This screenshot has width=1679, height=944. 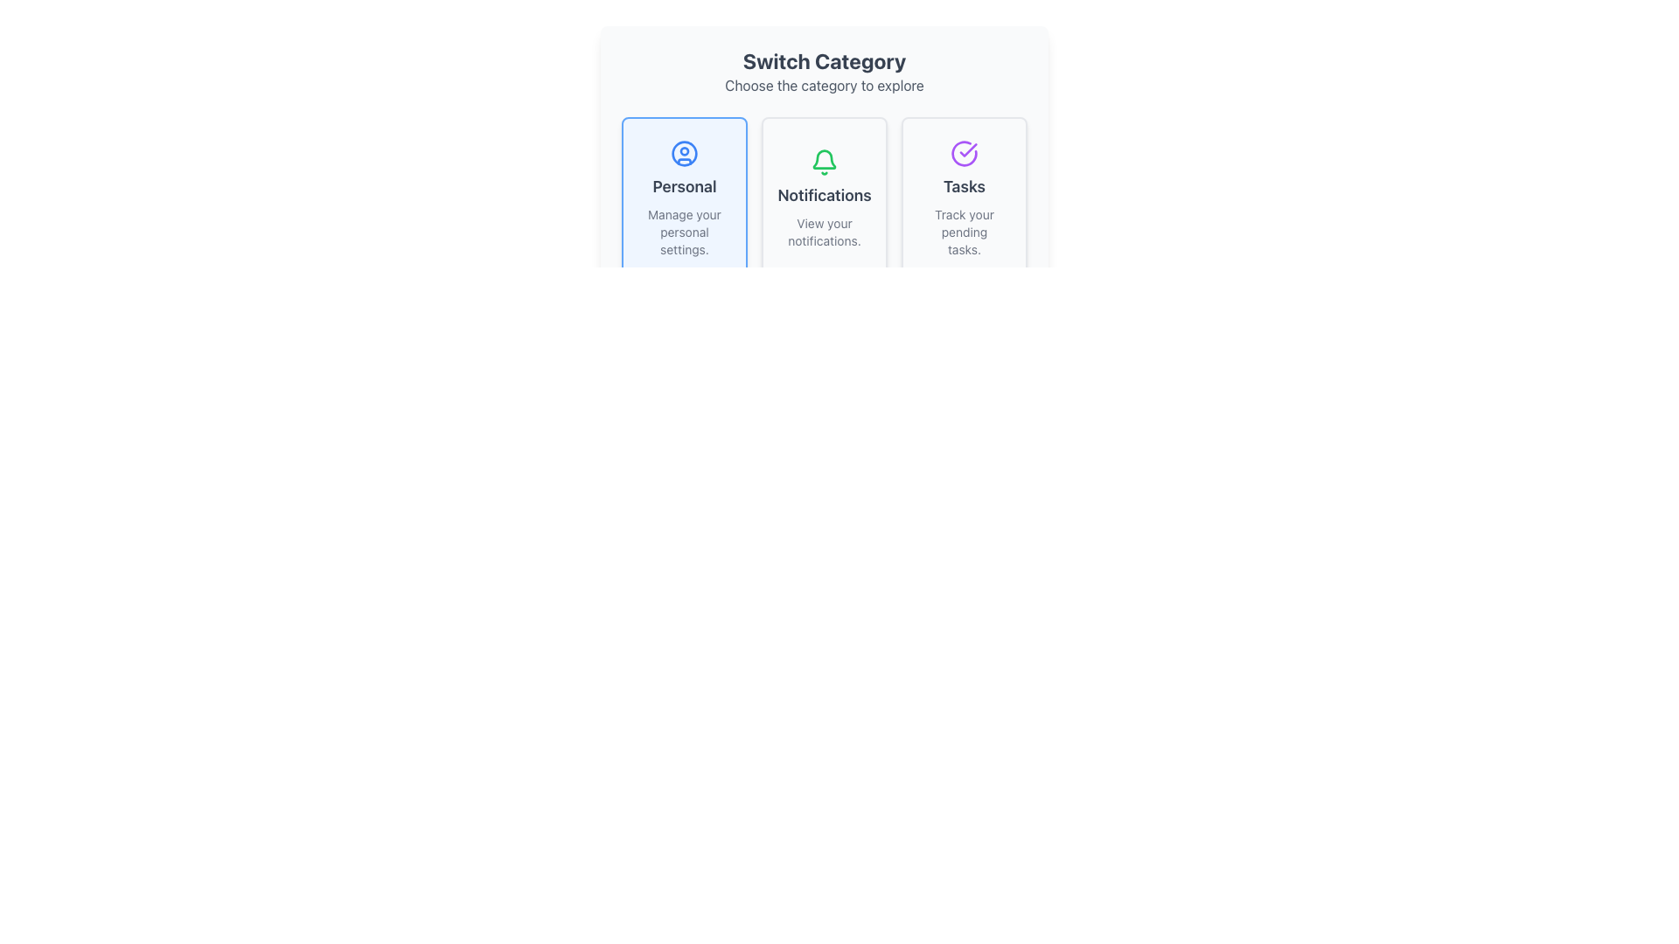 What do you see at coordinates (964, 153) in the screenshot?
I see `the 'Tasks' category icon located at the top-right corner of the 'Switch Category' section within the highlighted card titled 'Tasks'` at bounding box center [964, 153].